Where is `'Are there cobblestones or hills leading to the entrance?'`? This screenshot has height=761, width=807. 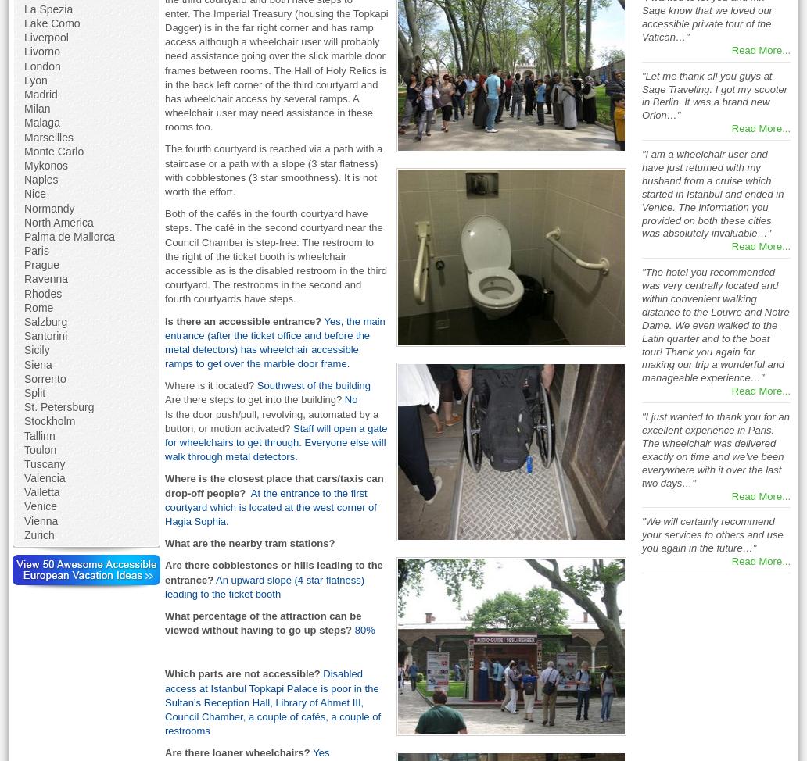 'Are there cobblestones or hills leading to the entrance?' is located at coordinates (273, 571).